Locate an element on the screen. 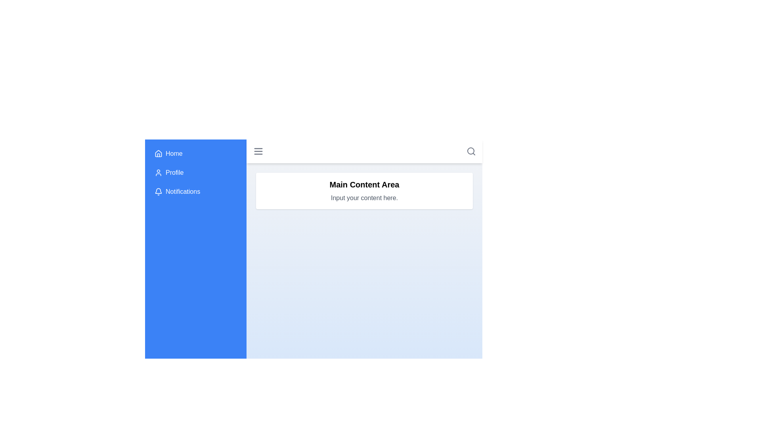 The height and width of the screenshot is (428, 761). the 'Home' entry in the sidebar is located at coordinates (196, 154).